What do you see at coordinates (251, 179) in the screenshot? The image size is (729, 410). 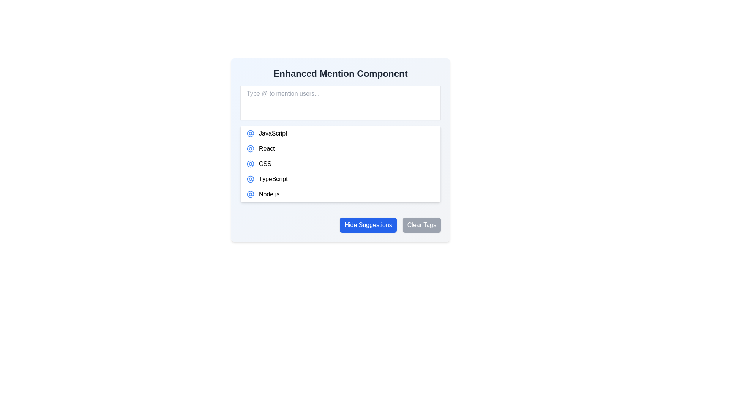 I see `the TypeScript indicator icon located in the fourth row of the suggestion list` at bounding box center [251, 179].